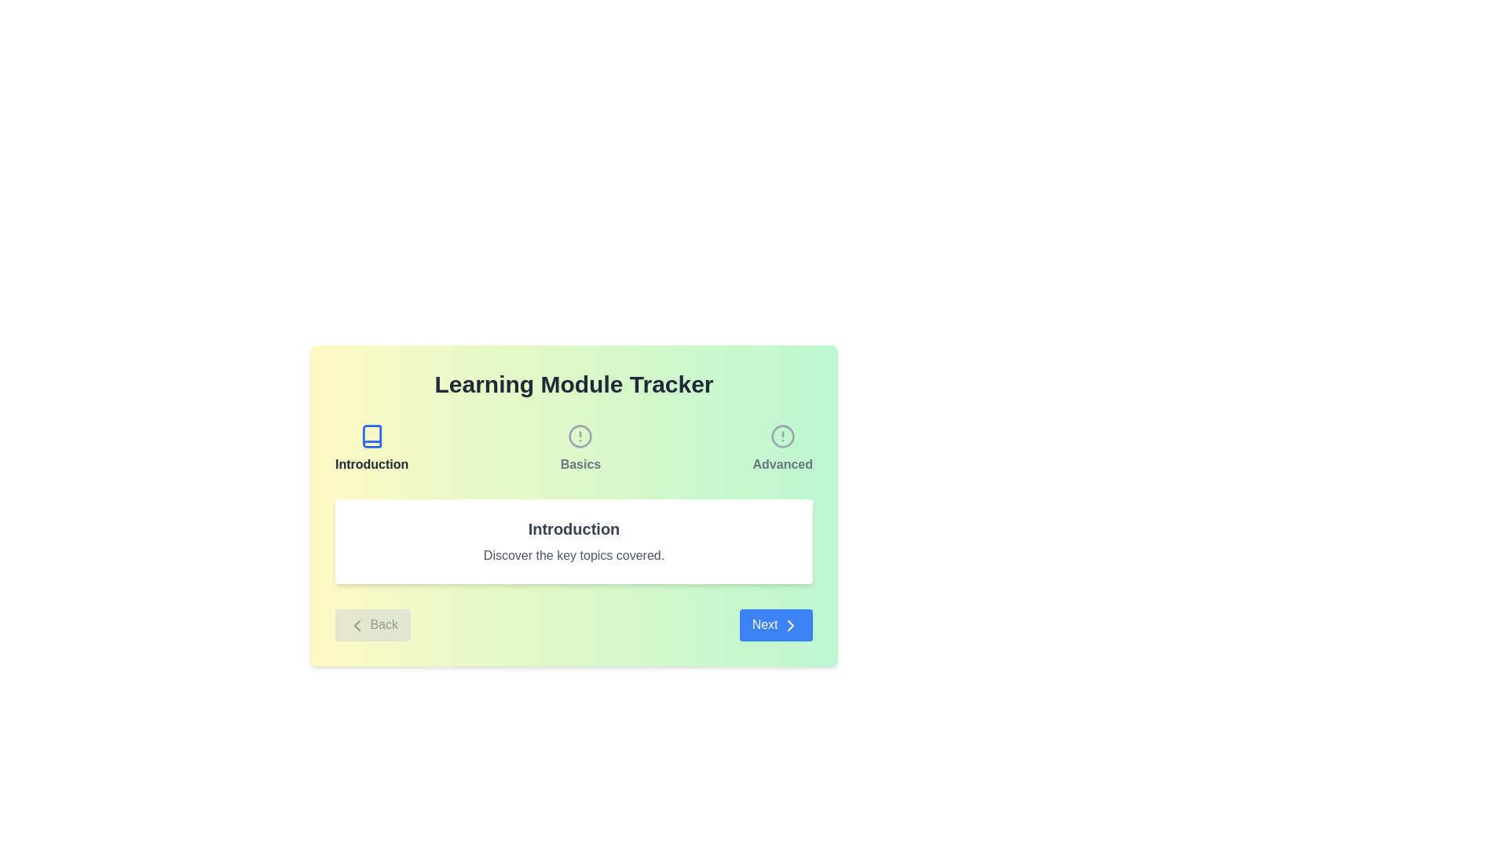  Describe the element at coordinates (782, 448) in the screenshot. I see `the 'Advanced' icon with accompanying text label in the selector module` at that location.